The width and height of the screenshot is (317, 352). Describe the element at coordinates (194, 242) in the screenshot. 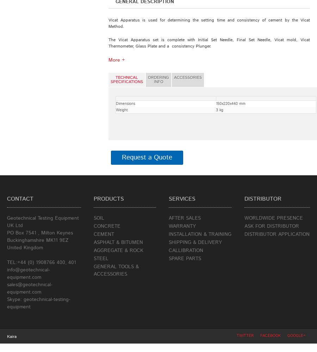

I see `'SHIPPING & DELIVERY'` at that location.